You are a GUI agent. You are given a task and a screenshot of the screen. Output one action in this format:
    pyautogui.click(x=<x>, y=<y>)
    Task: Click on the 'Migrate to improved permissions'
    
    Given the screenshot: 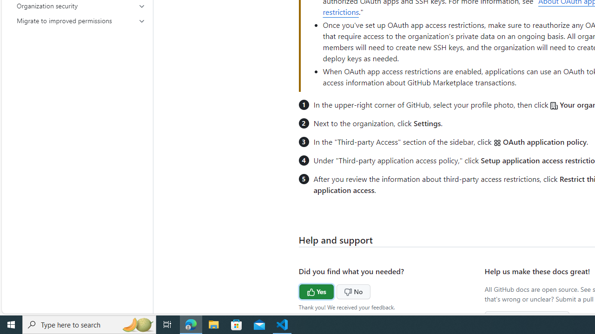 What is the action you would take?
    pyautogui.click(x=81, y=21)
    